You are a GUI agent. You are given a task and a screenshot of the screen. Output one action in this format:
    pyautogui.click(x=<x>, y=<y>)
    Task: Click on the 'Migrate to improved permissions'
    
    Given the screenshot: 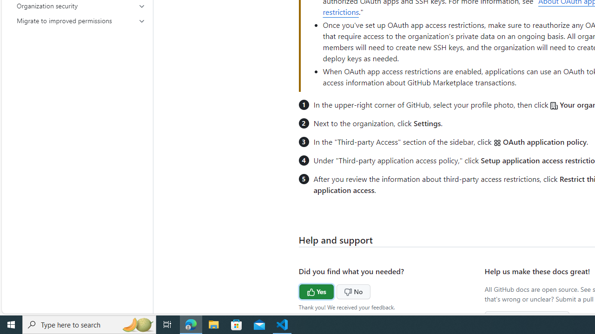 What is the action you would take?
    pyautogui.click(x=81, y=21)
    